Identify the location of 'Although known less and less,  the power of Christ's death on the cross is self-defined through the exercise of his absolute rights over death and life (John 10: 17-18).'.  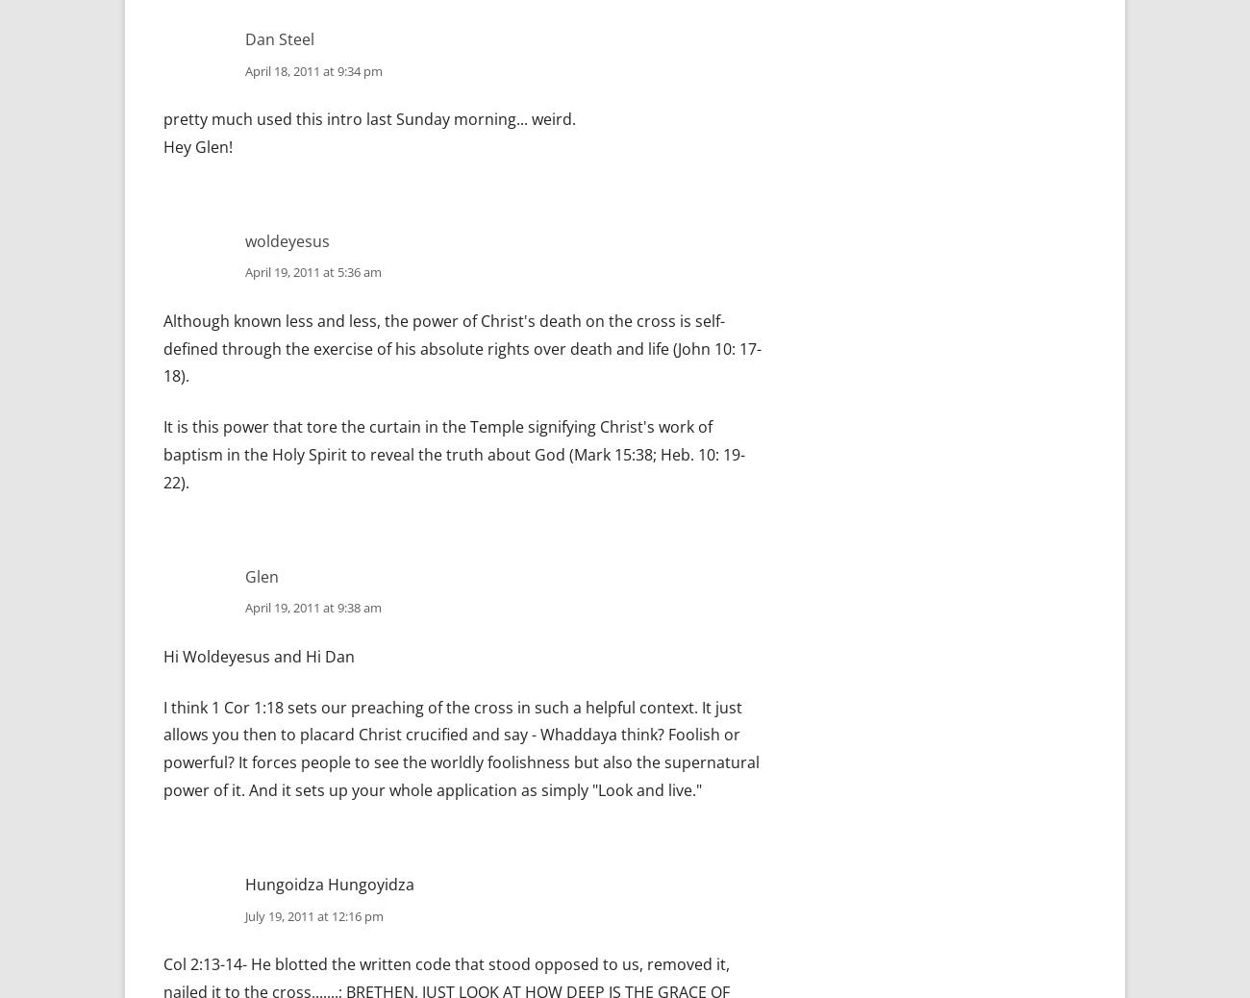
(462, 347).